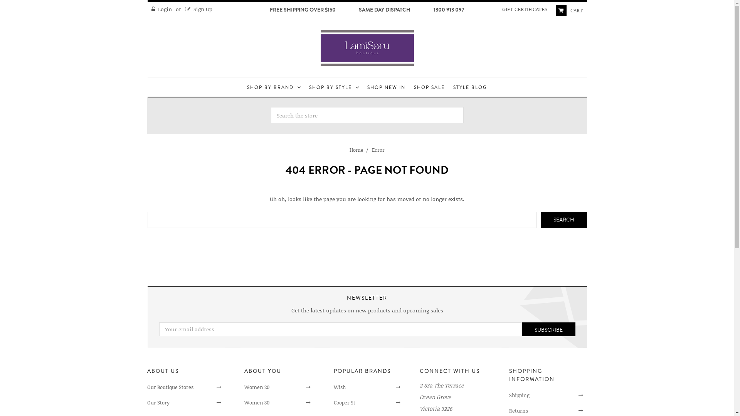  I want to click on 'Our Story', so click(184, 402).